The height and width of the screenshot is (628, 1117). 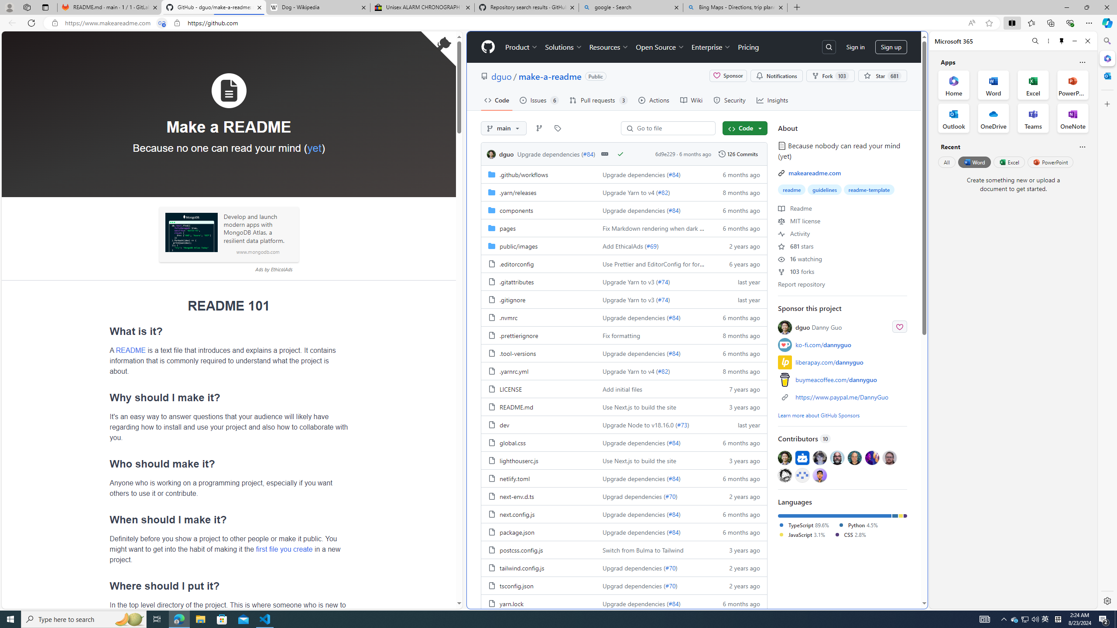 What do you see at coordinates (624, 317) in the screenshot?
I see `'AutomationID: folder-row-8'` at bounding box center [624, 317].